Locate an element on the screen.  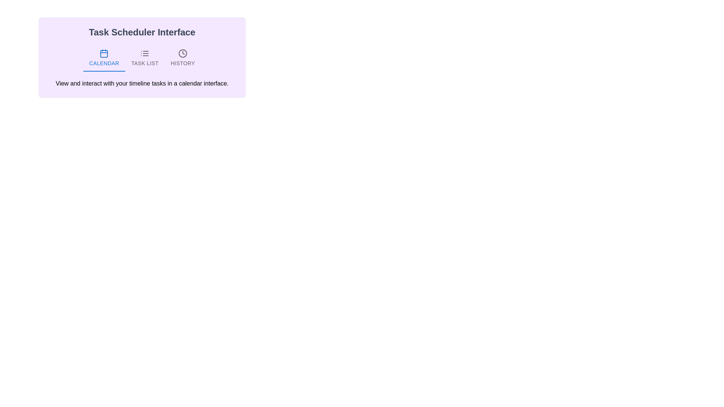
the 'Task List' tab icon located in the top-center region of the interface is located at coordinates (145, 53).